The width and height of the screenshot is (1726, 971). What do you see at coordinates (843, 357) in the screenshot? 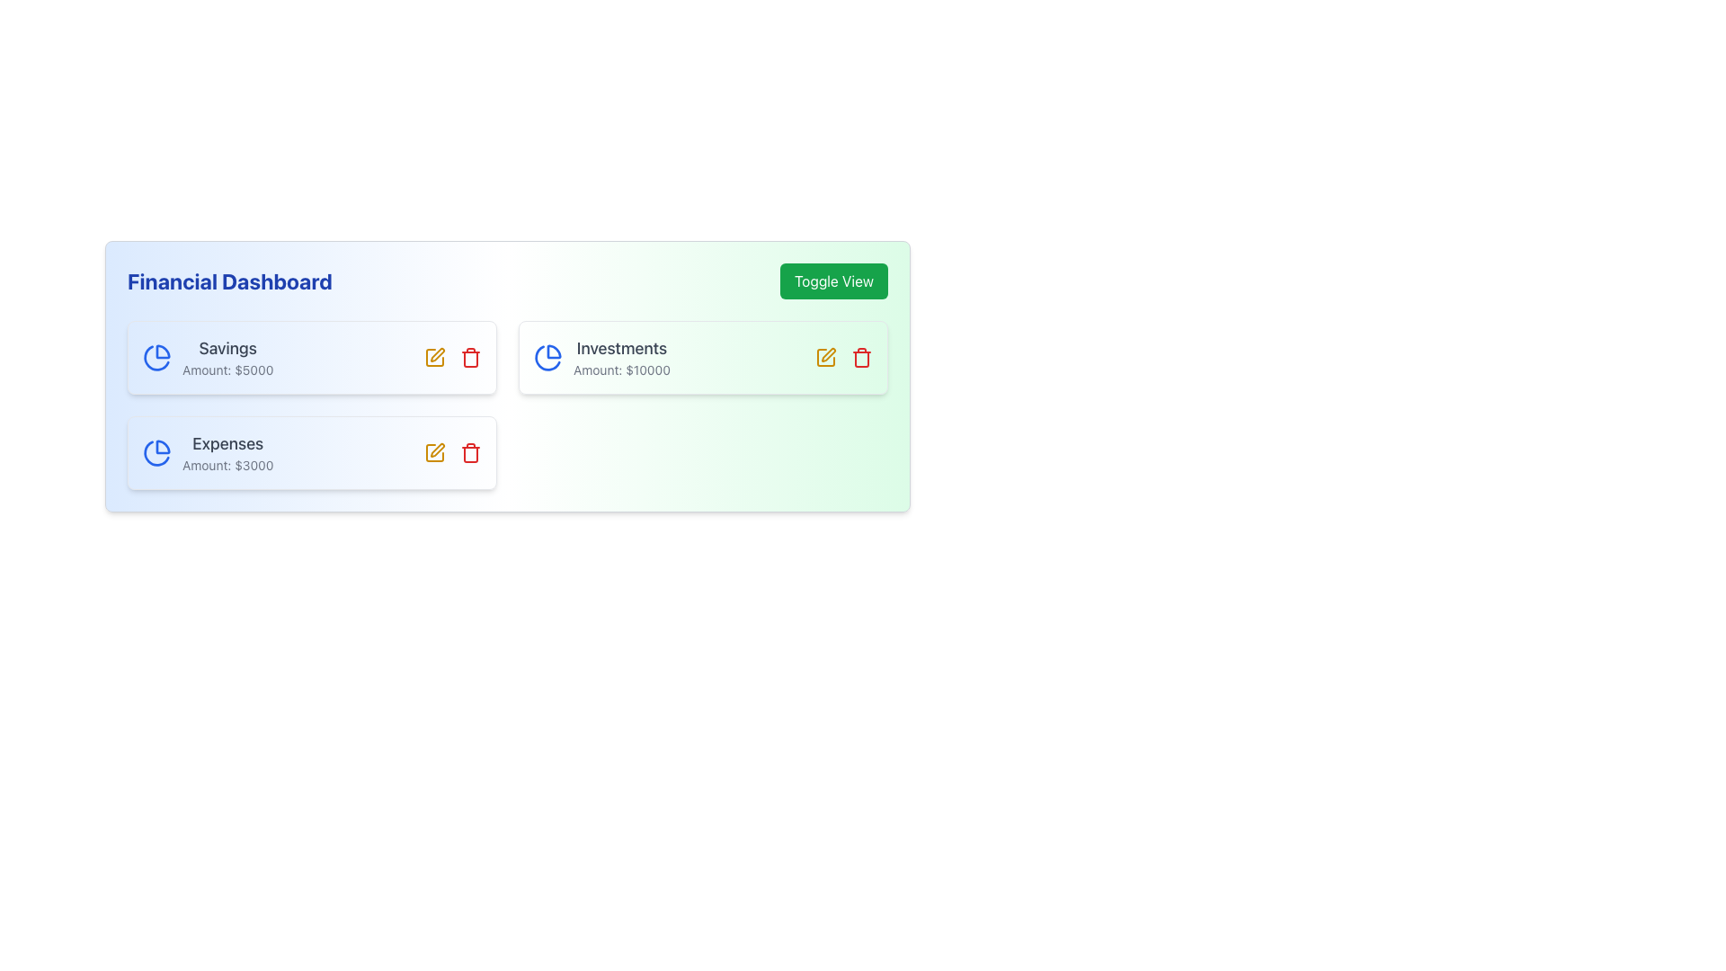
I see `the second icon in the Group of Interactive Icons located within the 'Investments' section of the Financial Dashboard` at bounding box center [843, 357].